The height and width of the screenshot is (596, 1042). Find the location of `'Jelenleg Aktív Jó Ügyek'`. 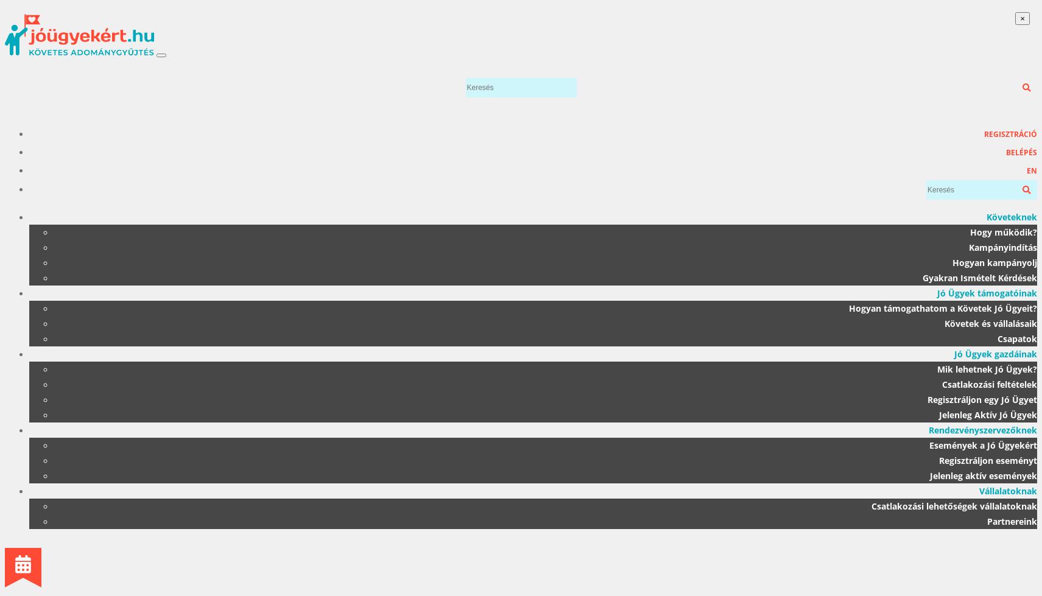

'Jelenleg Aktív Jó Ügyek' is located at coordinates (988, 414).